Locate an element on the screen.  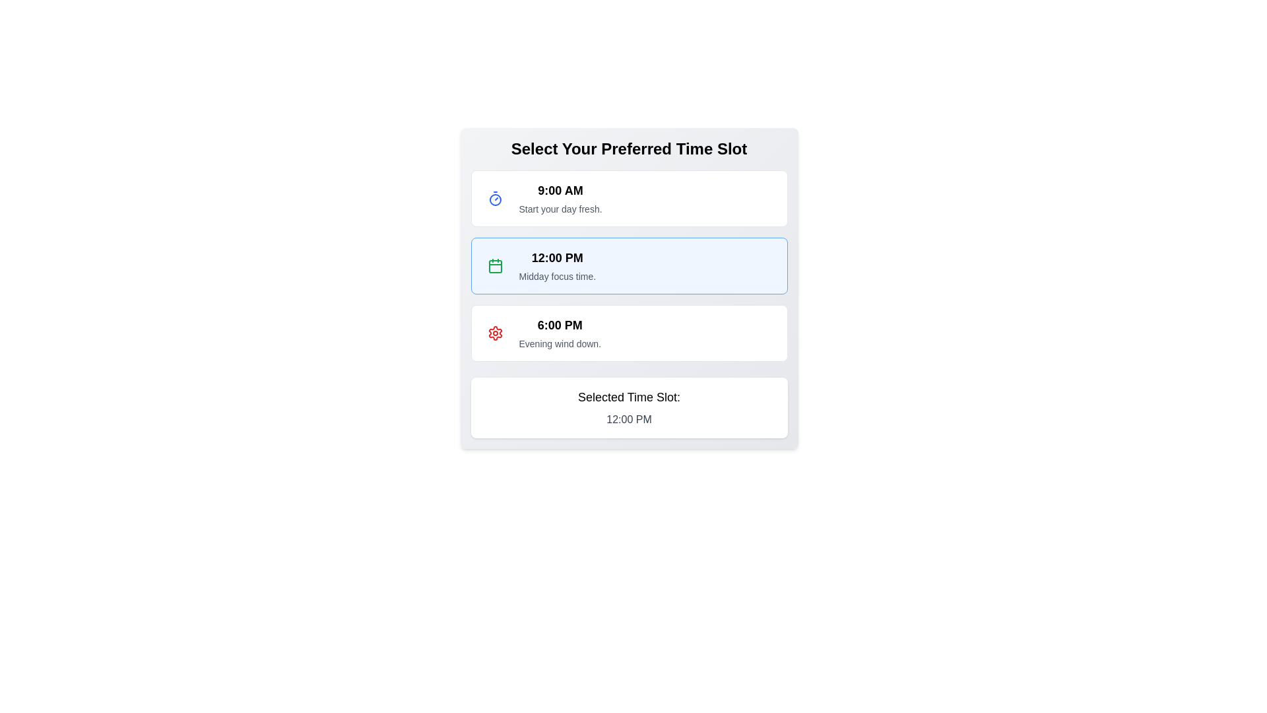
the calendar icon located to the left of the '12:00 PM' label under the 'Select Your Preferred Time Slot' heading for informational purposes is located at coordinates (494, 265).